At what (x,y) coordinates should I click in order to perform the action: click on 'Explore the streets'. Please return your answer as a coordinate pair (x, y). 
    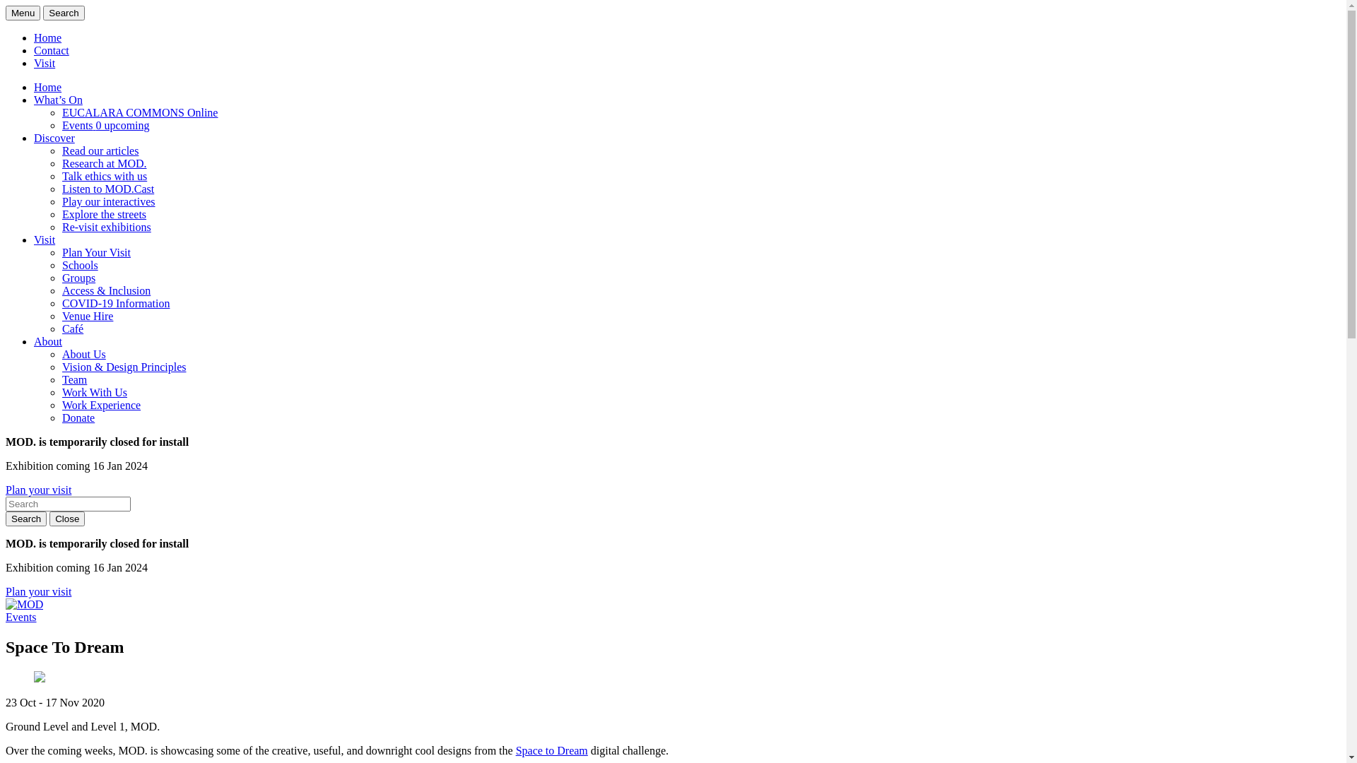
    Looking at the image, I should click on (103, 214).